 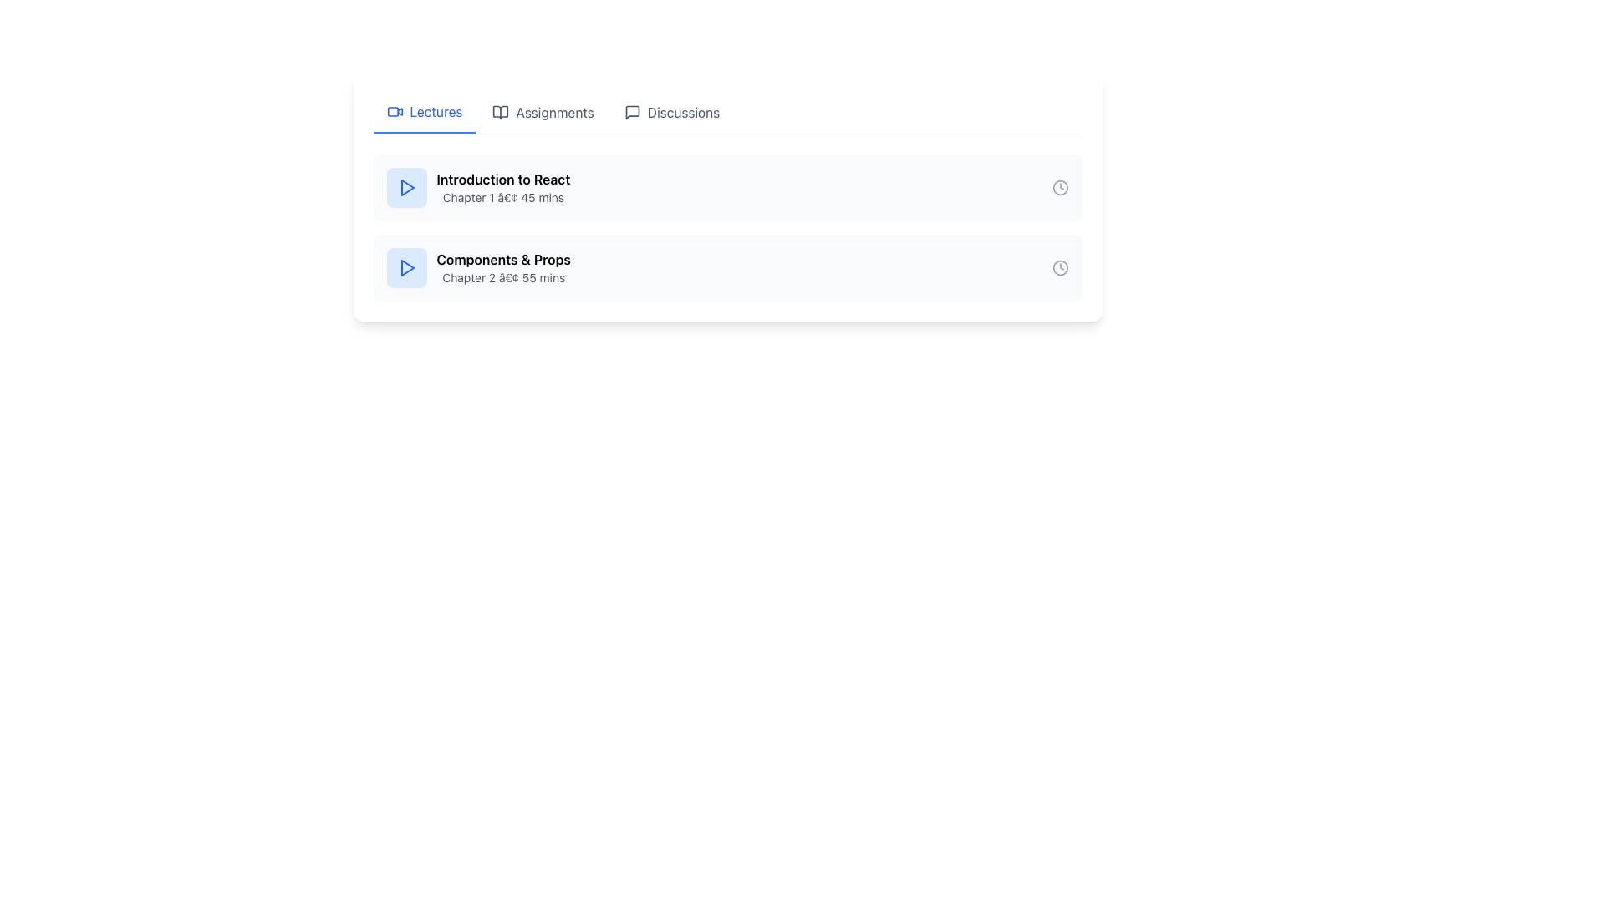 What do you see at coordinates (671, 113) in the screenshot?
I see `the navigation button located in the horizontal navigation bar, which is the third item to the right of 'Lectures' and 'Assignments'` at bounding box center [671, 113].